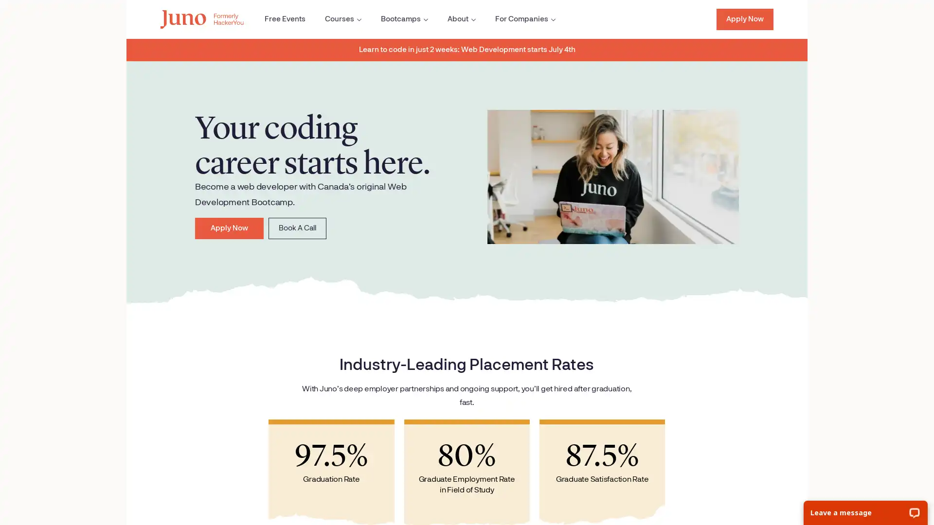 The height and width of the screenshot is (525, 934). Describe the element at coordinates (452, 19) in the screenshot. I see `Open the About sub menu.` at that location.